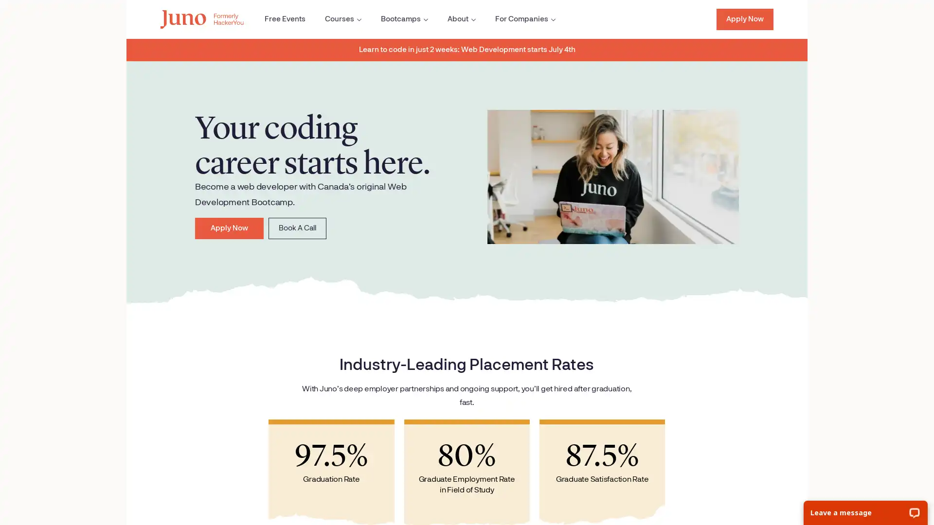 The height and width of the screenshot is (525, 934). Describe the element at coordinates (452, 19) in the screenshot. I see `Open the About sub menu.` at that location.